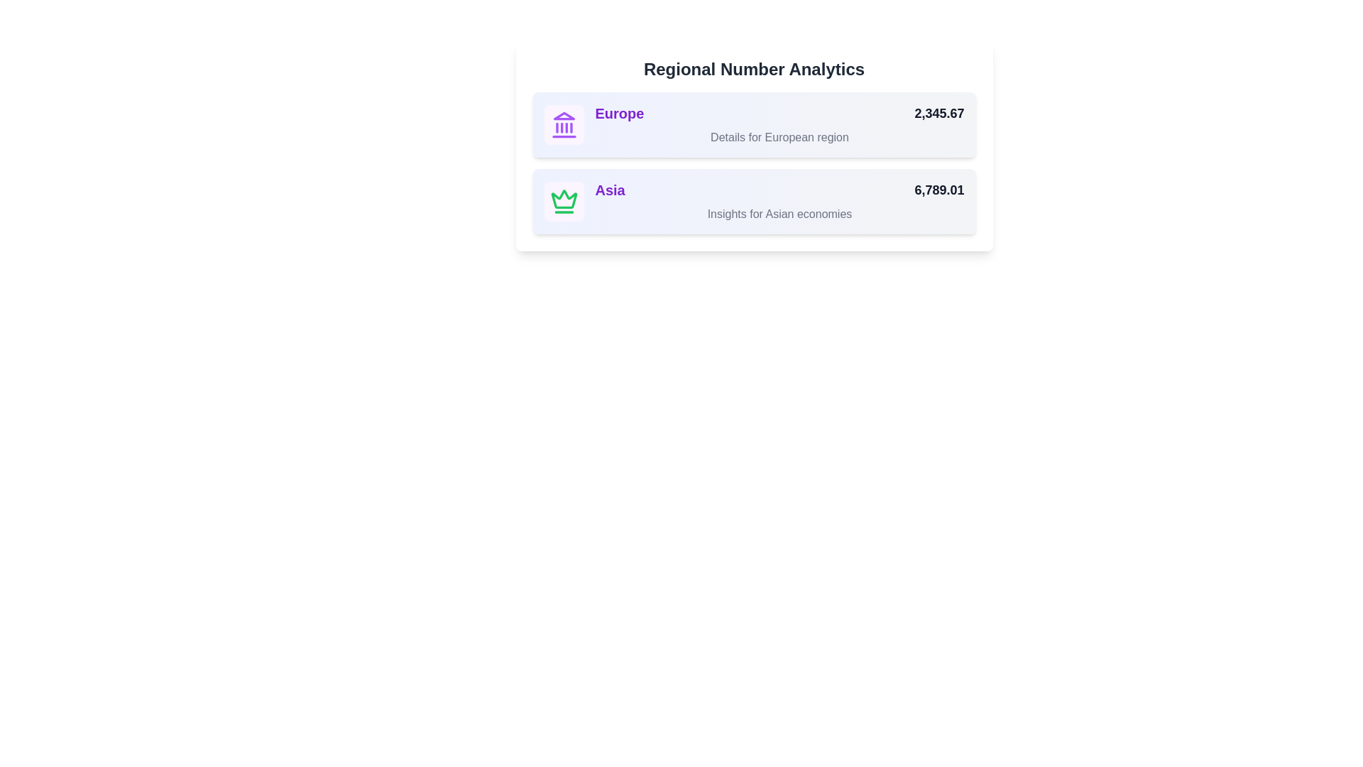 This screenshot has height=767, width=1363. I want to click on the appearance of the crown-shaped graphic icon, which is vibrant green and located next to the 'Asia' title in the section labeled 'Insights for Asian economies', so click(563, 202).